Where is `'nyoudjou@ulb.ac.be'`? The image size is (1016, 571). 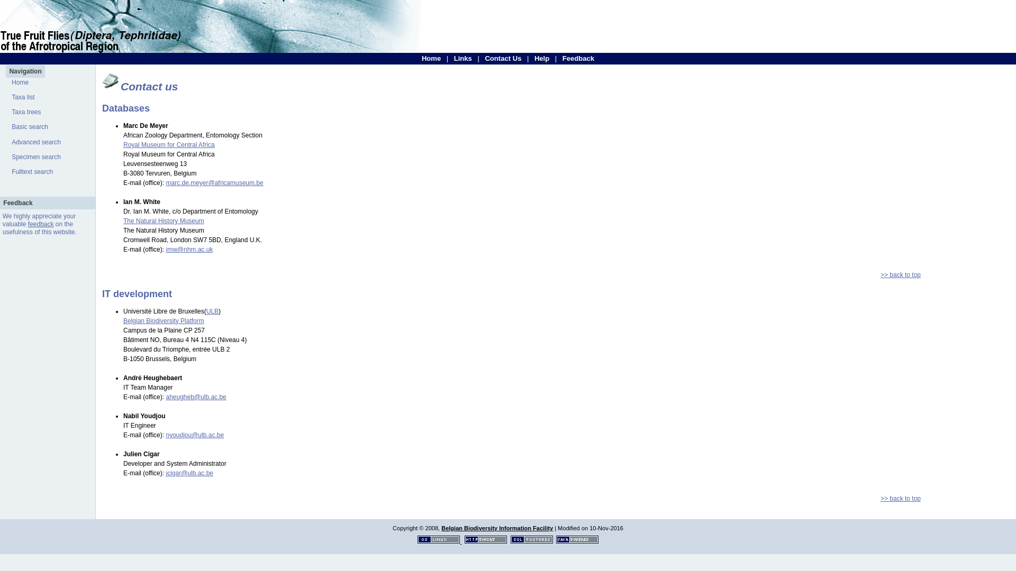 'nyoudjou@ulb.ac.be' is located at coordinates (165, 435).